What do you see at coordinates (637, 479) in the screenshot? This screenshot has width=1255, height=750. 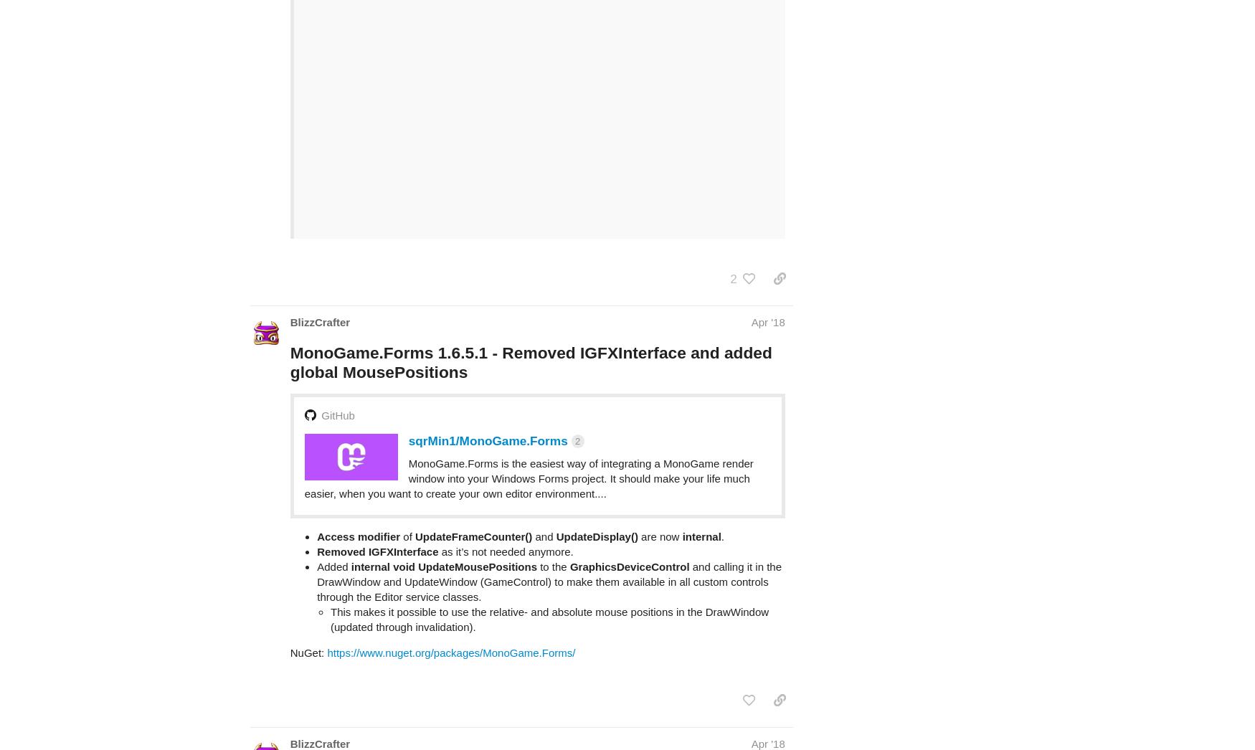 I see `'are now'` at bounding box center [637, 479].